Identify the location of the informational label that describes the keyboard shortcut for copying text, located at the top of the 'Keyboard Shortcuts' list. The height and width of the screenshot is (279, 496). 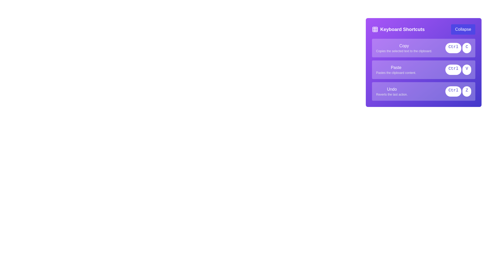
(404, 48).